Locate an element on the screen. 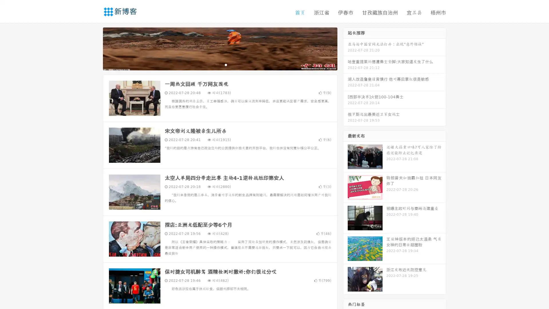  Previous slide is located at coordinates (94, 48).